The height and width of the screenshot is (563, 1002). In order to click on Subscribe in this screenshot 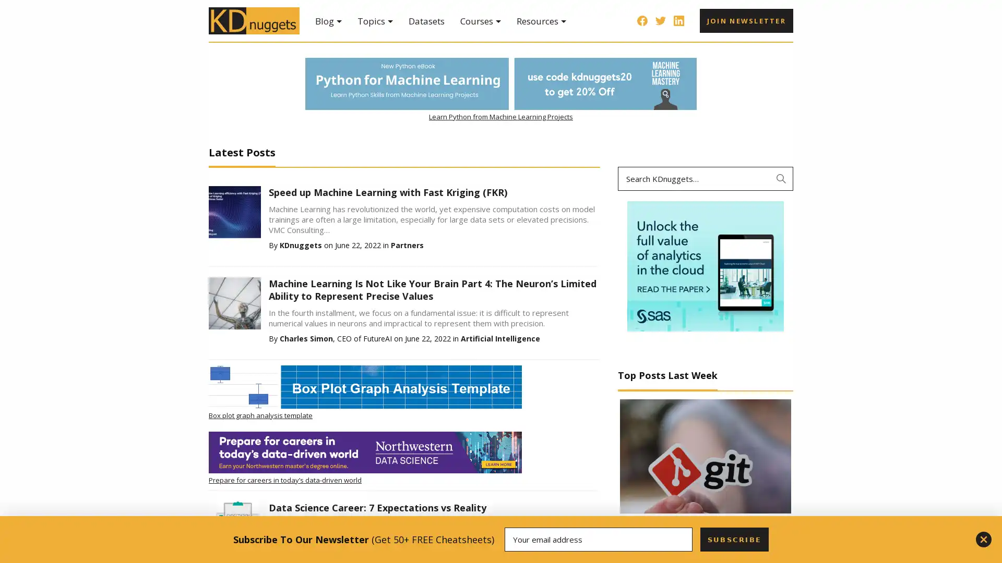, I will do `click(733, 539)`.